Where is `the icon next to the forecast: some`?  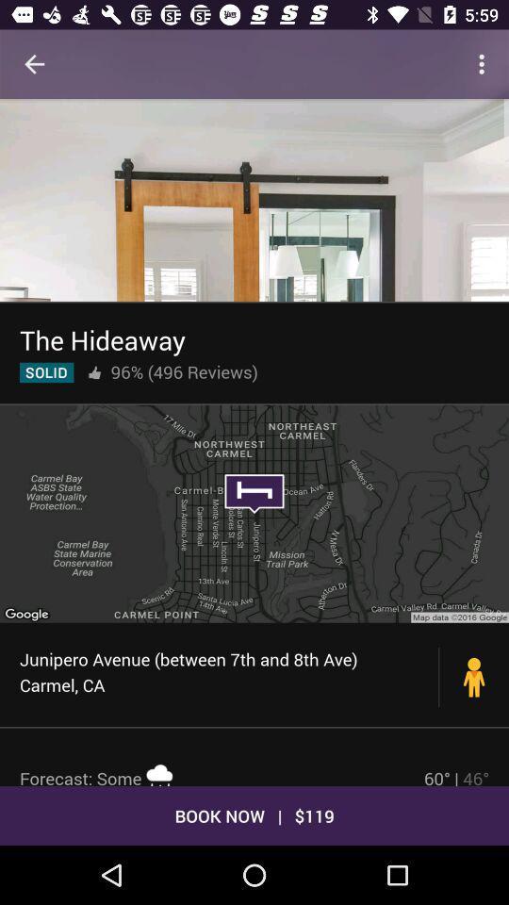
the icon next to the forecast: some is located at coordinates (455, 776).